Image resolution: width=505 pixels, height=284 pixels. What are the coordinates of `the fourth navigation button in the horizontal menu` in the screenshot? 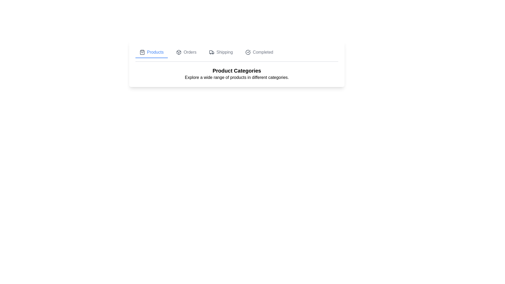 It's located at (259, 53).